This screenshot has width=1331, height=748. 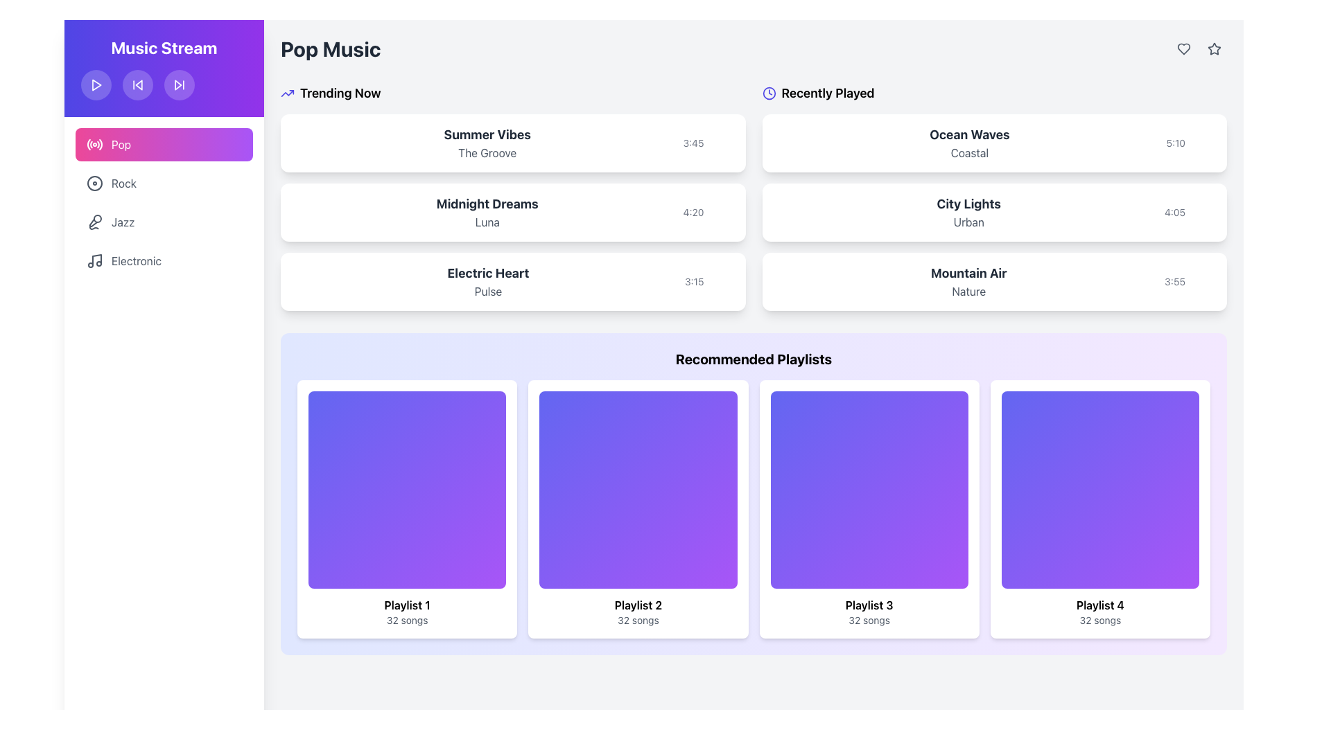 What do you see at coordinates (512, 213) in the screenshot?
I see `the 'Midnight Dreams' card in the 'Trending Now' section` at bounding box center [512, 213].